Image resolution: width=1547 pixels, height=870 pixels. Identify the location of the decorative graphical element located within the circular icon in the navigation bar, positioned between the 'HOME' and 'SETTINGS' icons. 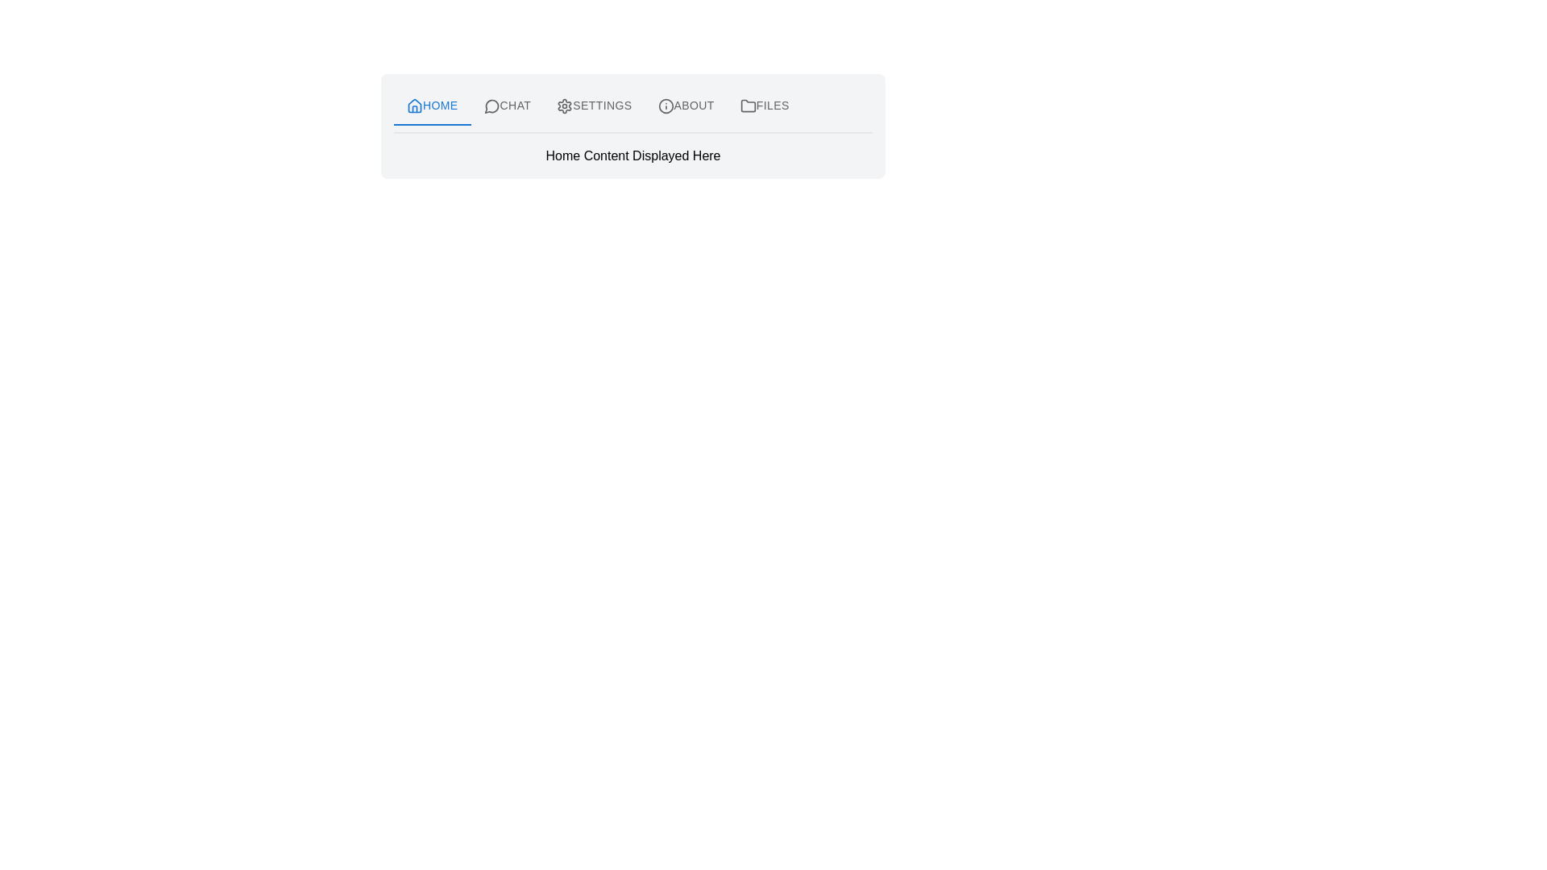
(491, 106).